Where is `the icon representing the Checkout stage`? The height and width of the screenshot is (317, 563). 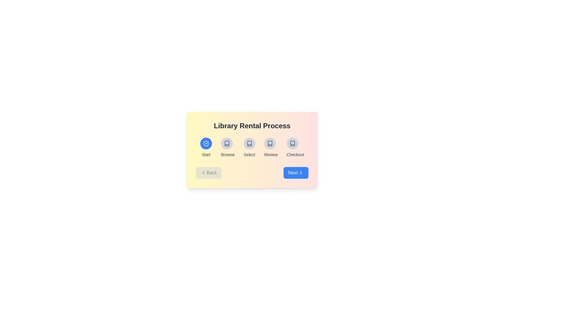 the icon representing the Checkout stage is located at coordinates (292, 144).